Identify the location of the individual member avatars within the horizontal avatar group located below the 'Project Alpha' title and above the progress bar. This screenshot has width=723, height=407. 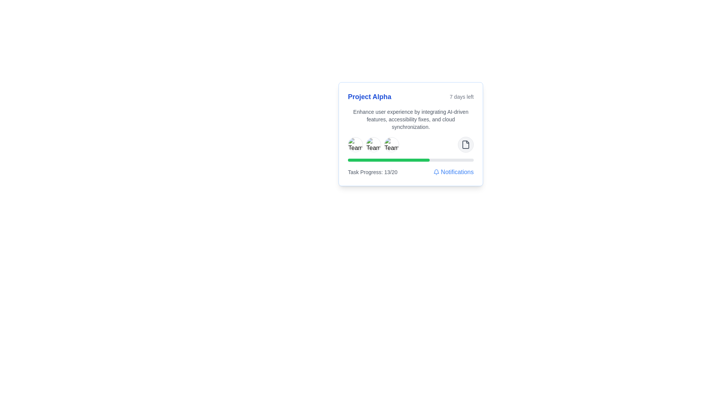
(374, 145).